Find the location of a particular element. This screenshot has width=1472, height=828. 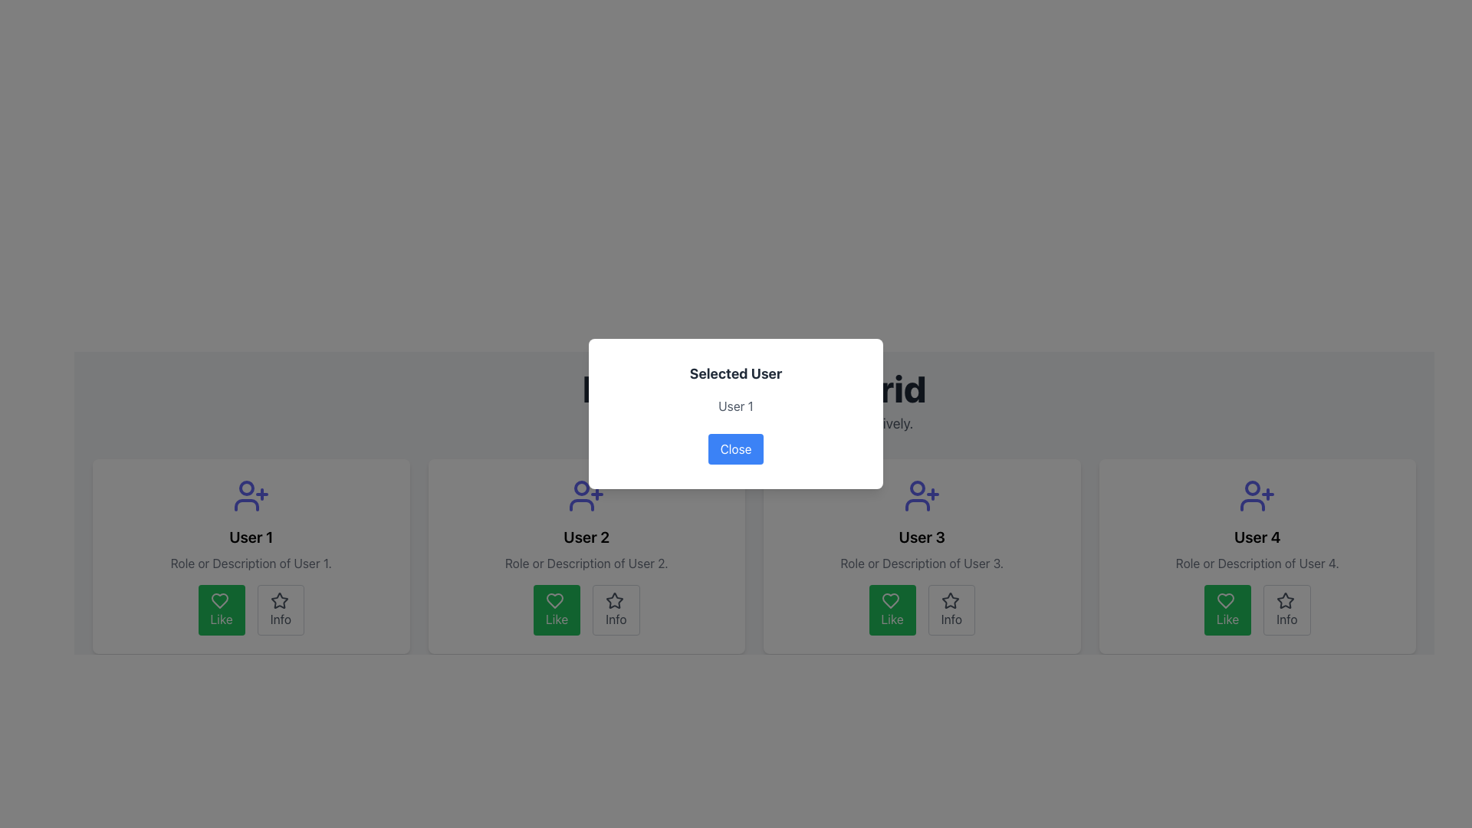

the text label displaying 'User 1', which is styled in bold, black font and centrally aligned in the first user card is located at coordinates (251, 537).